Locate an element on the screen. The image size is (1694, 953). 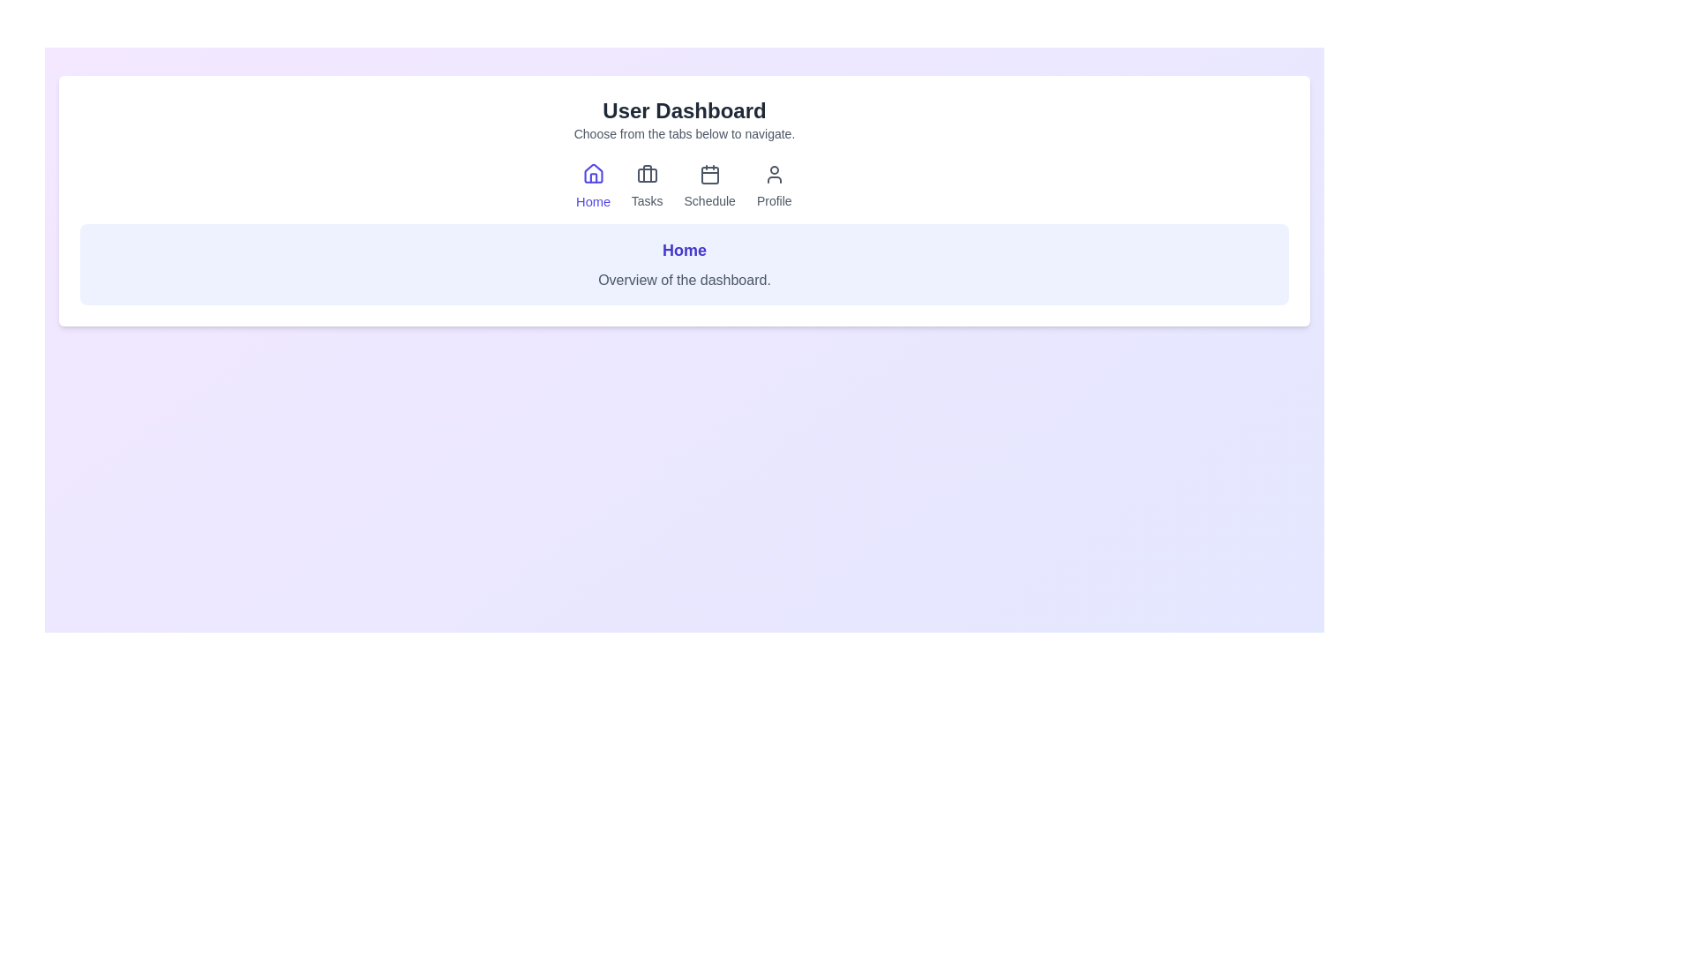
the Profile navigation button located in the upper section of the interface is located at coordinates (774, 187).